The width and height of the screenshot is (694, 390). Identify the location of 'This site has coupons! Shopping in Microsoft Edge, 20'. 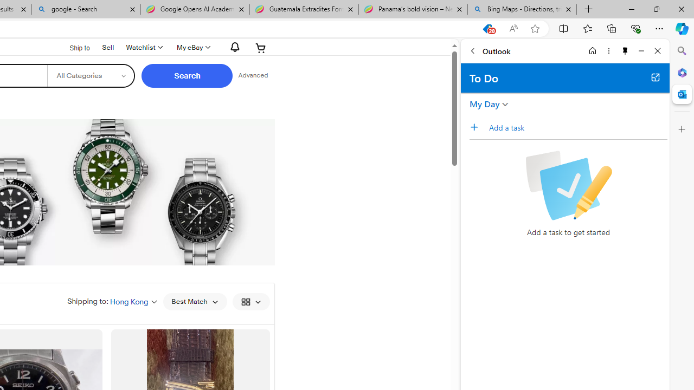
(486, 28).